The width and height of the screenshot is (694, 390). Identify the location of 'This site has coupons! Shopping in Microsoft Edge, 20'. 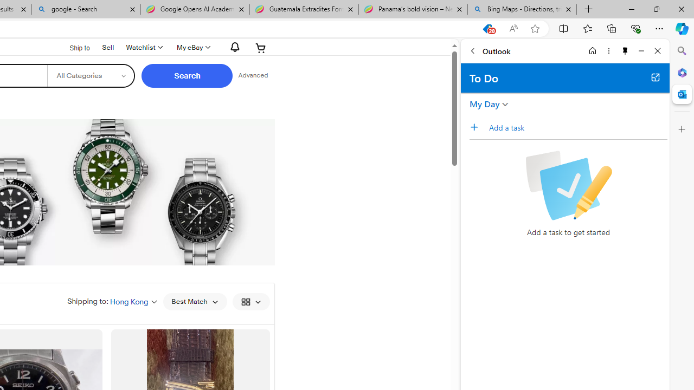
(486, 28).